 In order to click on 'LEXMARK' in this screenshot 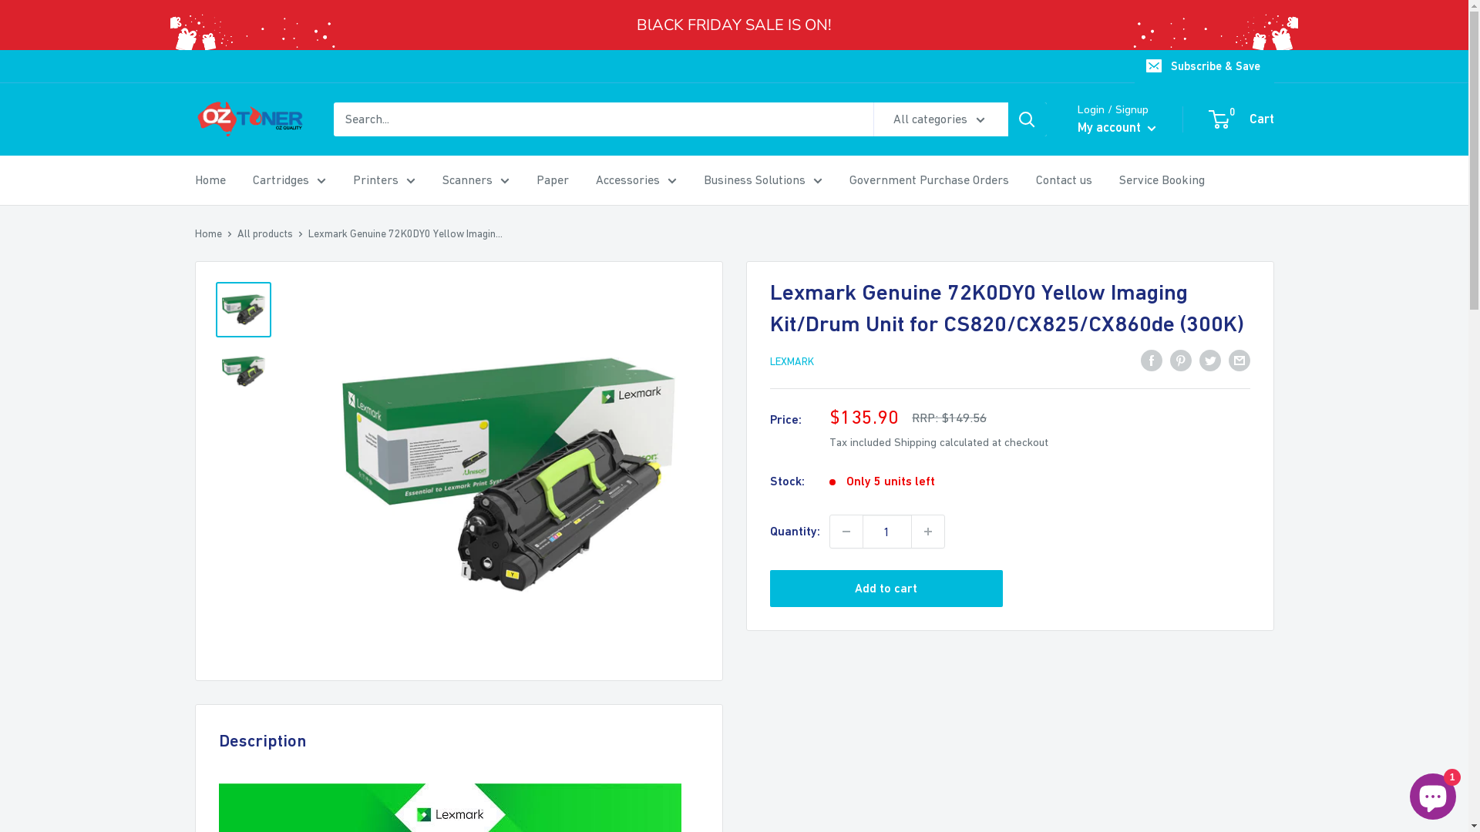, I will do `click(791, 361)`.